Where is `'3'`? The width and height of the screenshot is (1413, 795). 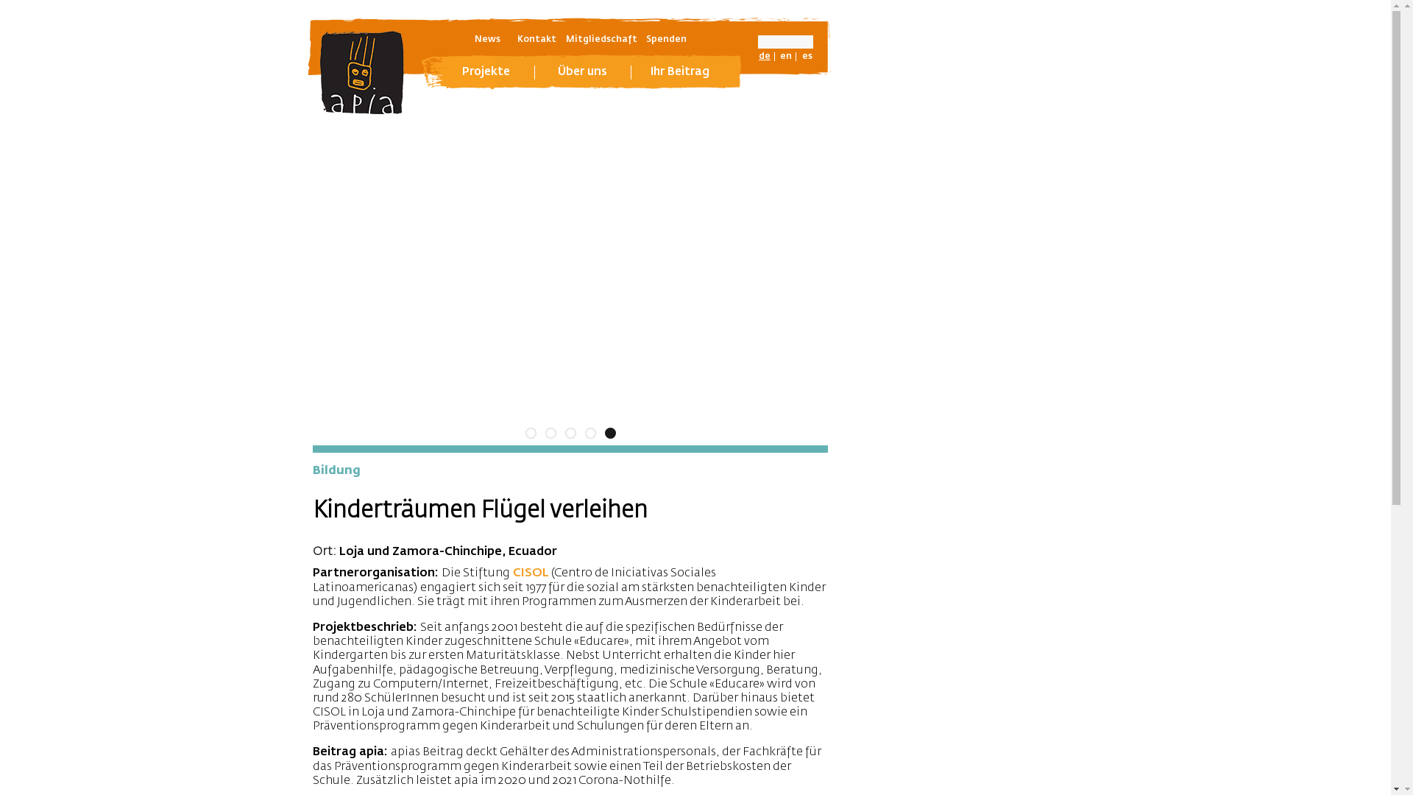 '3' is located at coordinates (570, 432).